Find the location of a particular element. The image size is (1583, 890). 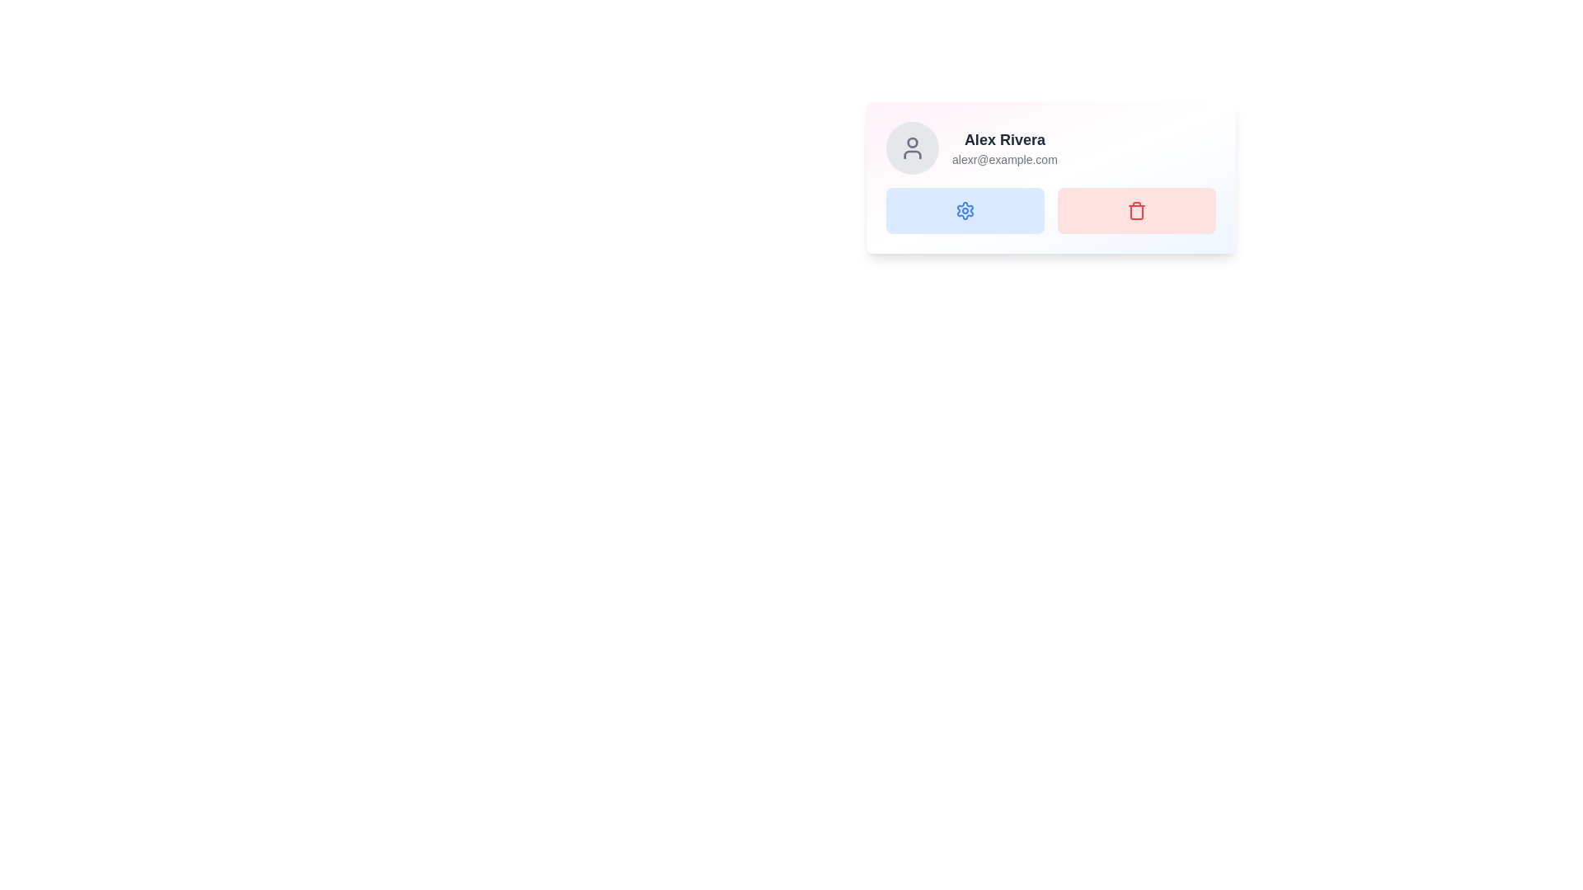

the blue gear-shaped icon for additional interaction options is located at coordinates (965, 209).